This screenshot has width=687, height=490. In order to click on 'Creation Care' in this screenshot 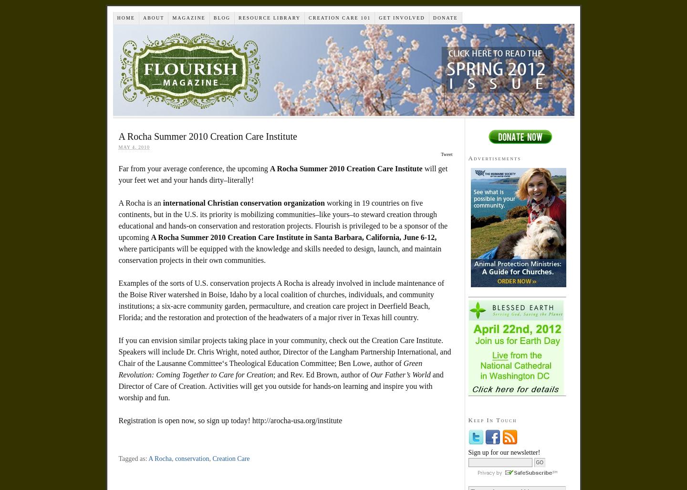, I will do `click(230, 459)`.